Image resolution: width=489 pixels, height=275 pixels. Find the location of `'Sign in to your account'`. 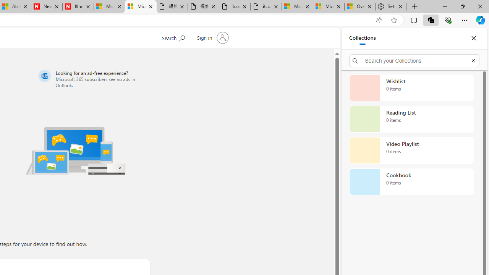

'Sign in to your account' is located at coordinates (212, 38).